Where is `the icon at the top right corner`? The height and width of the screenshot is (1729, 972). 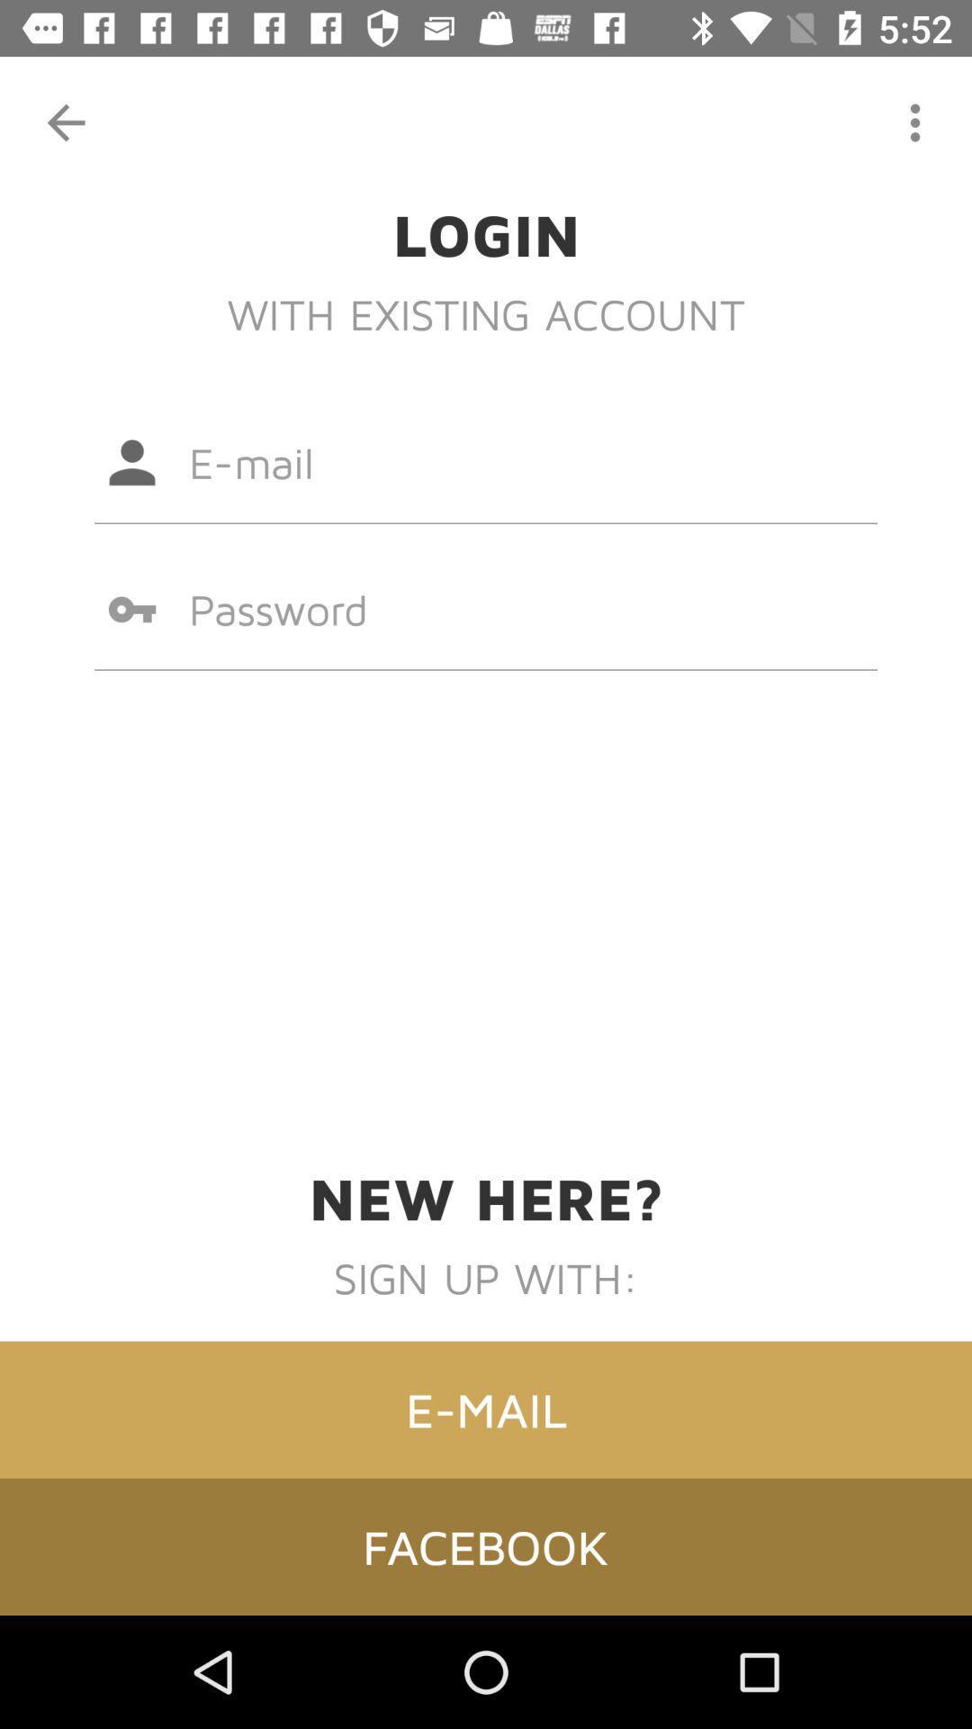
the icon at the top right corner is located at coordinates (915, 122).